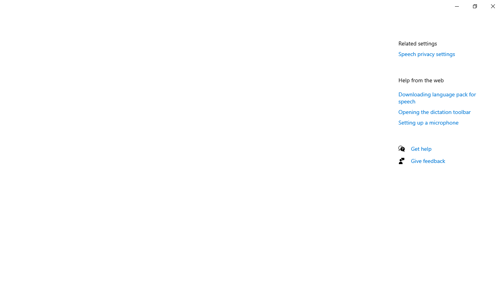 The image size is (502, 282). Describe the element at coordinates (426, 53) in the screenshot. I see `'Speech privacy settings'` at that location.